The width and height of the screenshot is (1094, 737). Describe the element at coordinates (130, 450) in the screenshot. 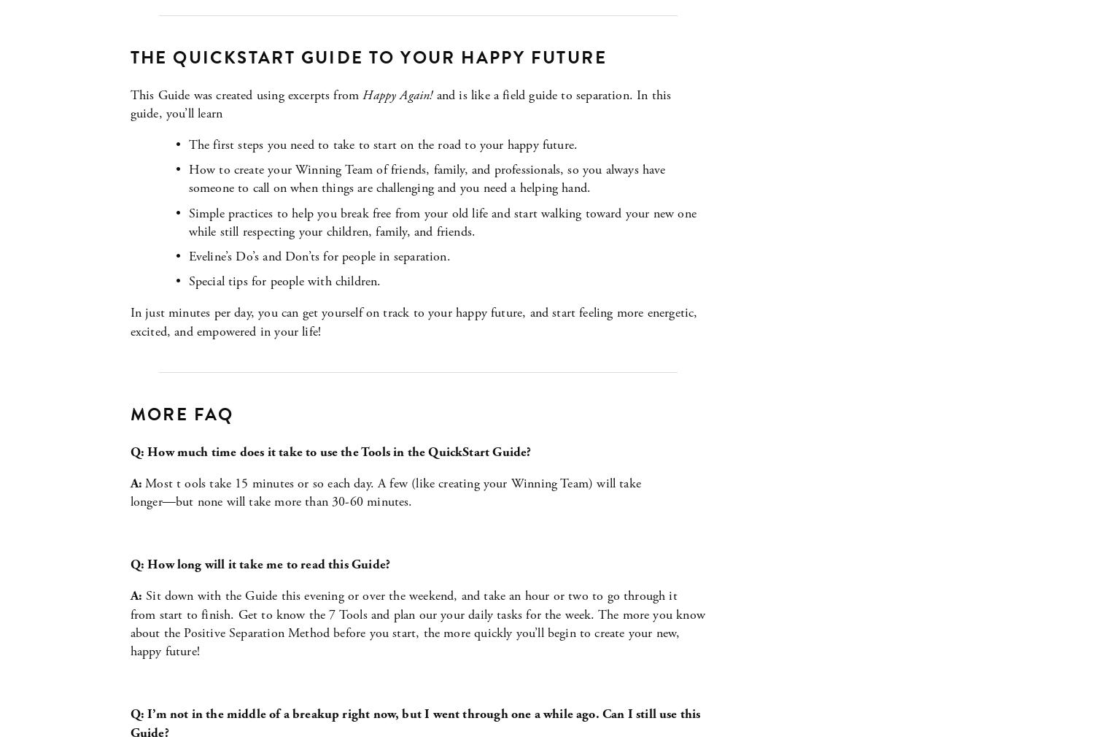

I see `'Q: How much time does it take to use the Tools in the QuickStart Guide?'` at that location.